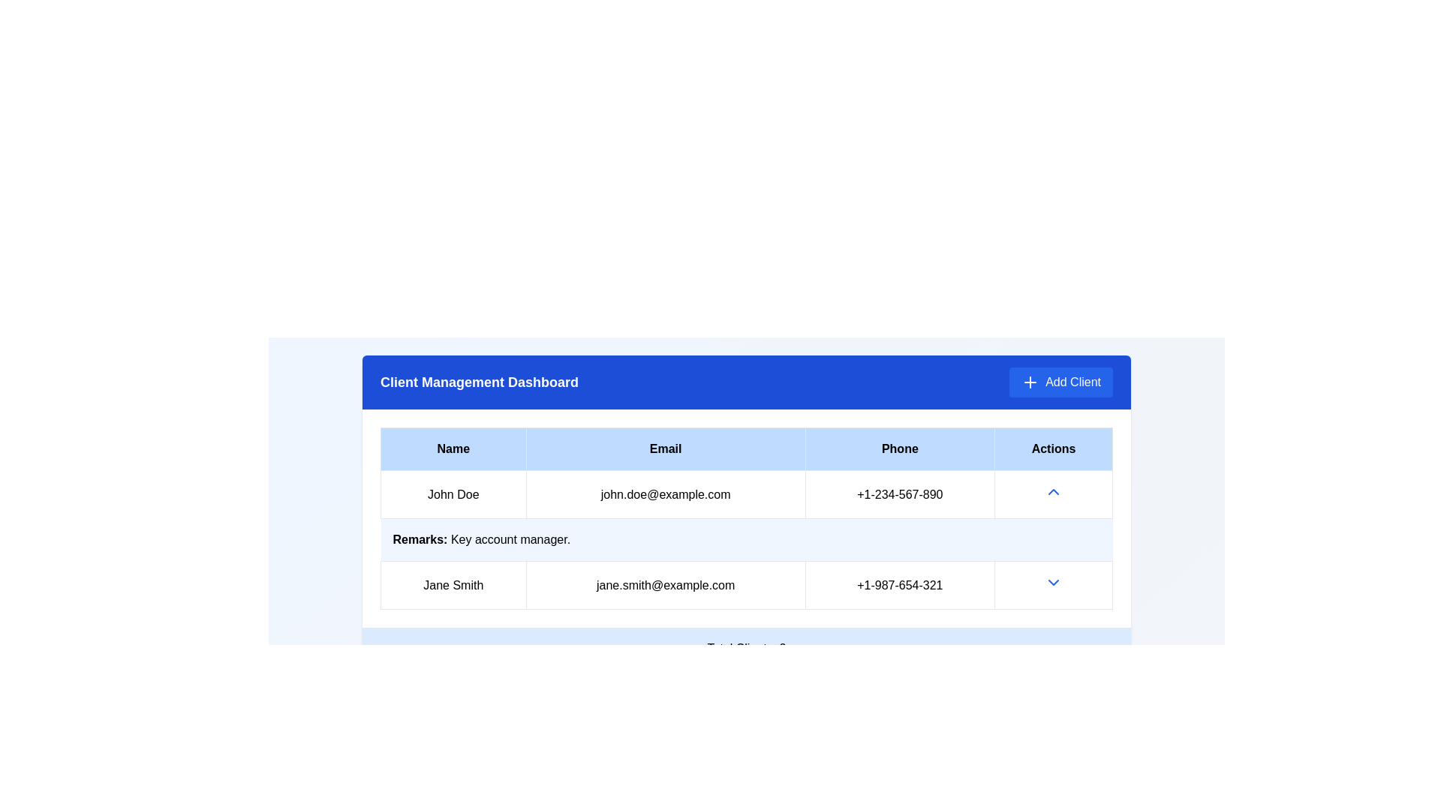 The height and width of the screenshot is (810, 1441). What do you see at coordinates (453, 494) in the screenshot?
I see `the Text Label representing the name of a client or individual located in the first data row under the 'Name' column, which is directly to the left of 'john.doe@example.com'` at bounding box center [453, 494].